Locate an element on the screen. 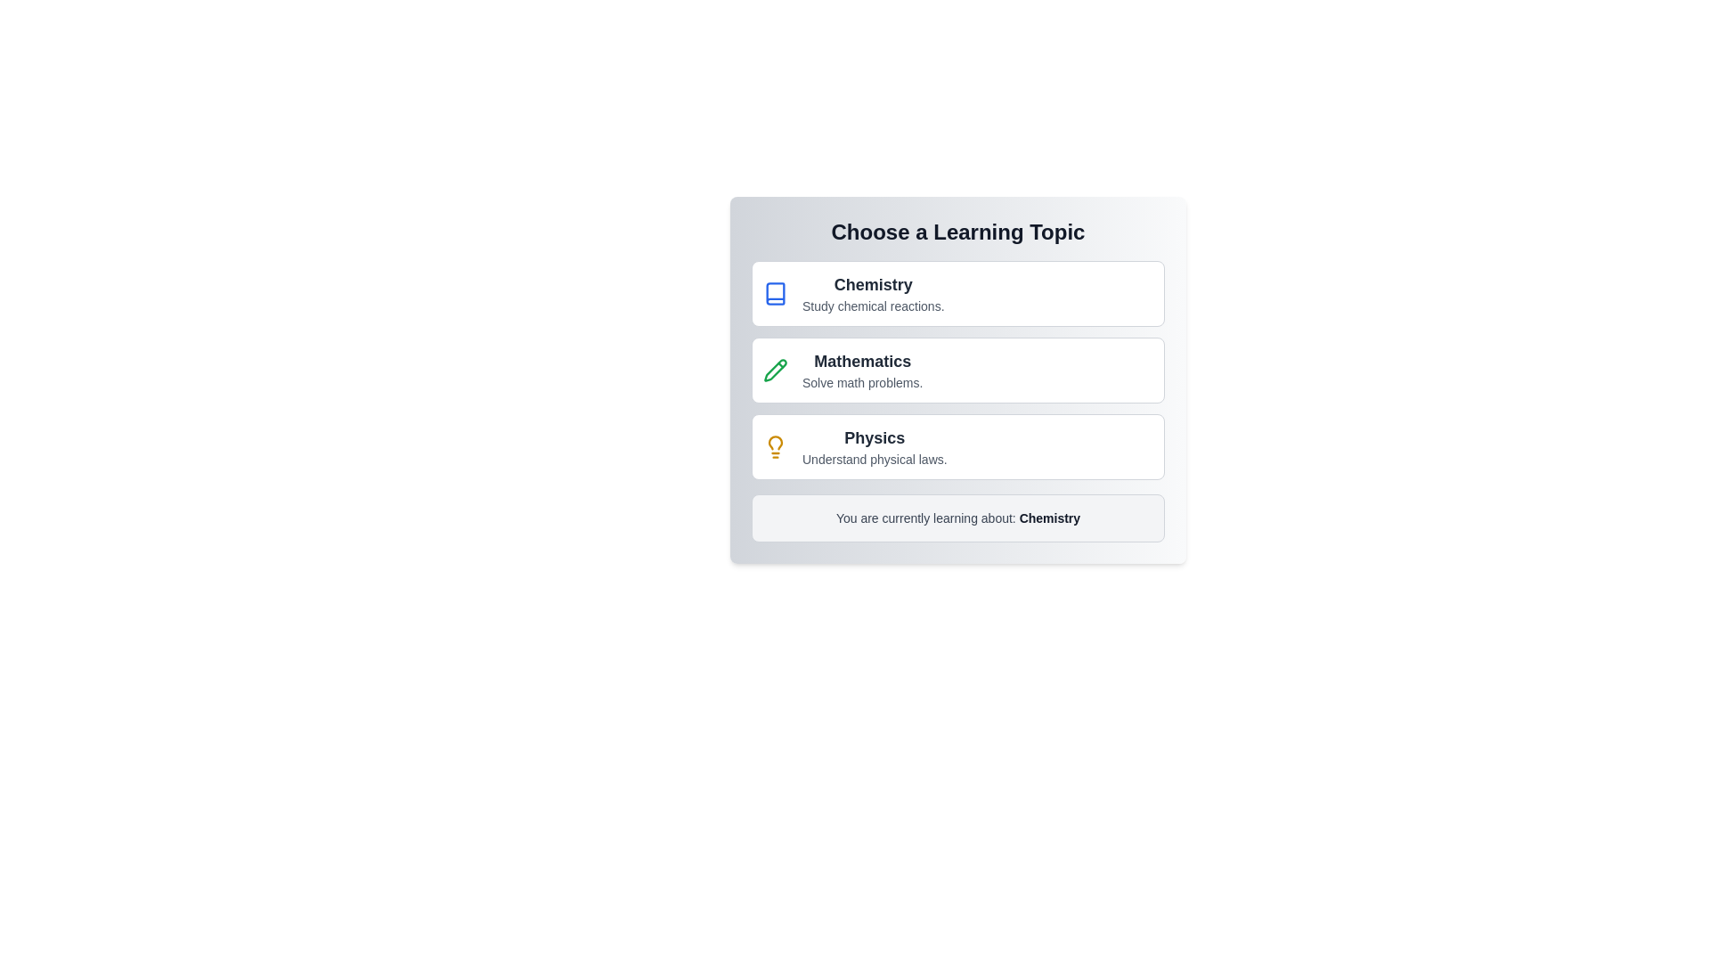  the heading element that provides a title for the section, guiding the user to choose a learning topic is located at coordinates (957, 232).